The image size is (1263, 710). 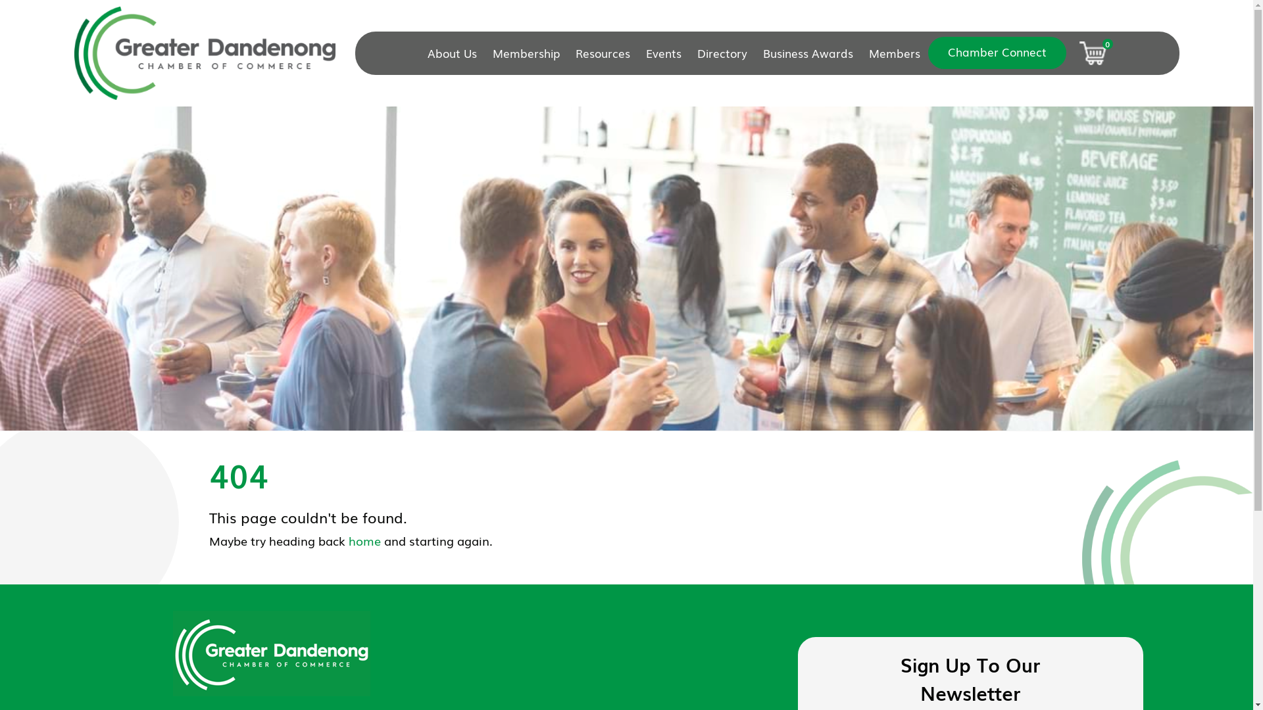 I want to click on 'Membership', so click(x=526, y=53).